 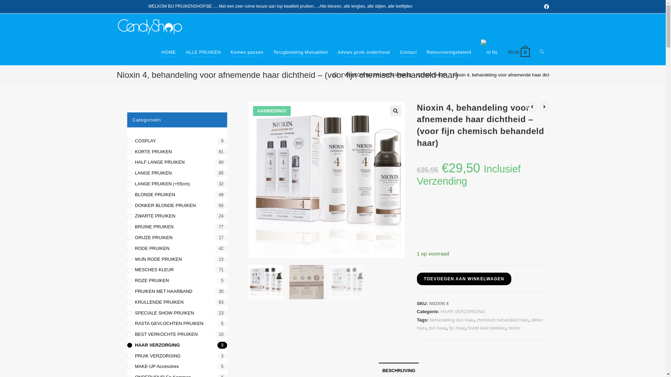 I want to click on 'LANGE PRUIKEN', so click(x=177, y=173).